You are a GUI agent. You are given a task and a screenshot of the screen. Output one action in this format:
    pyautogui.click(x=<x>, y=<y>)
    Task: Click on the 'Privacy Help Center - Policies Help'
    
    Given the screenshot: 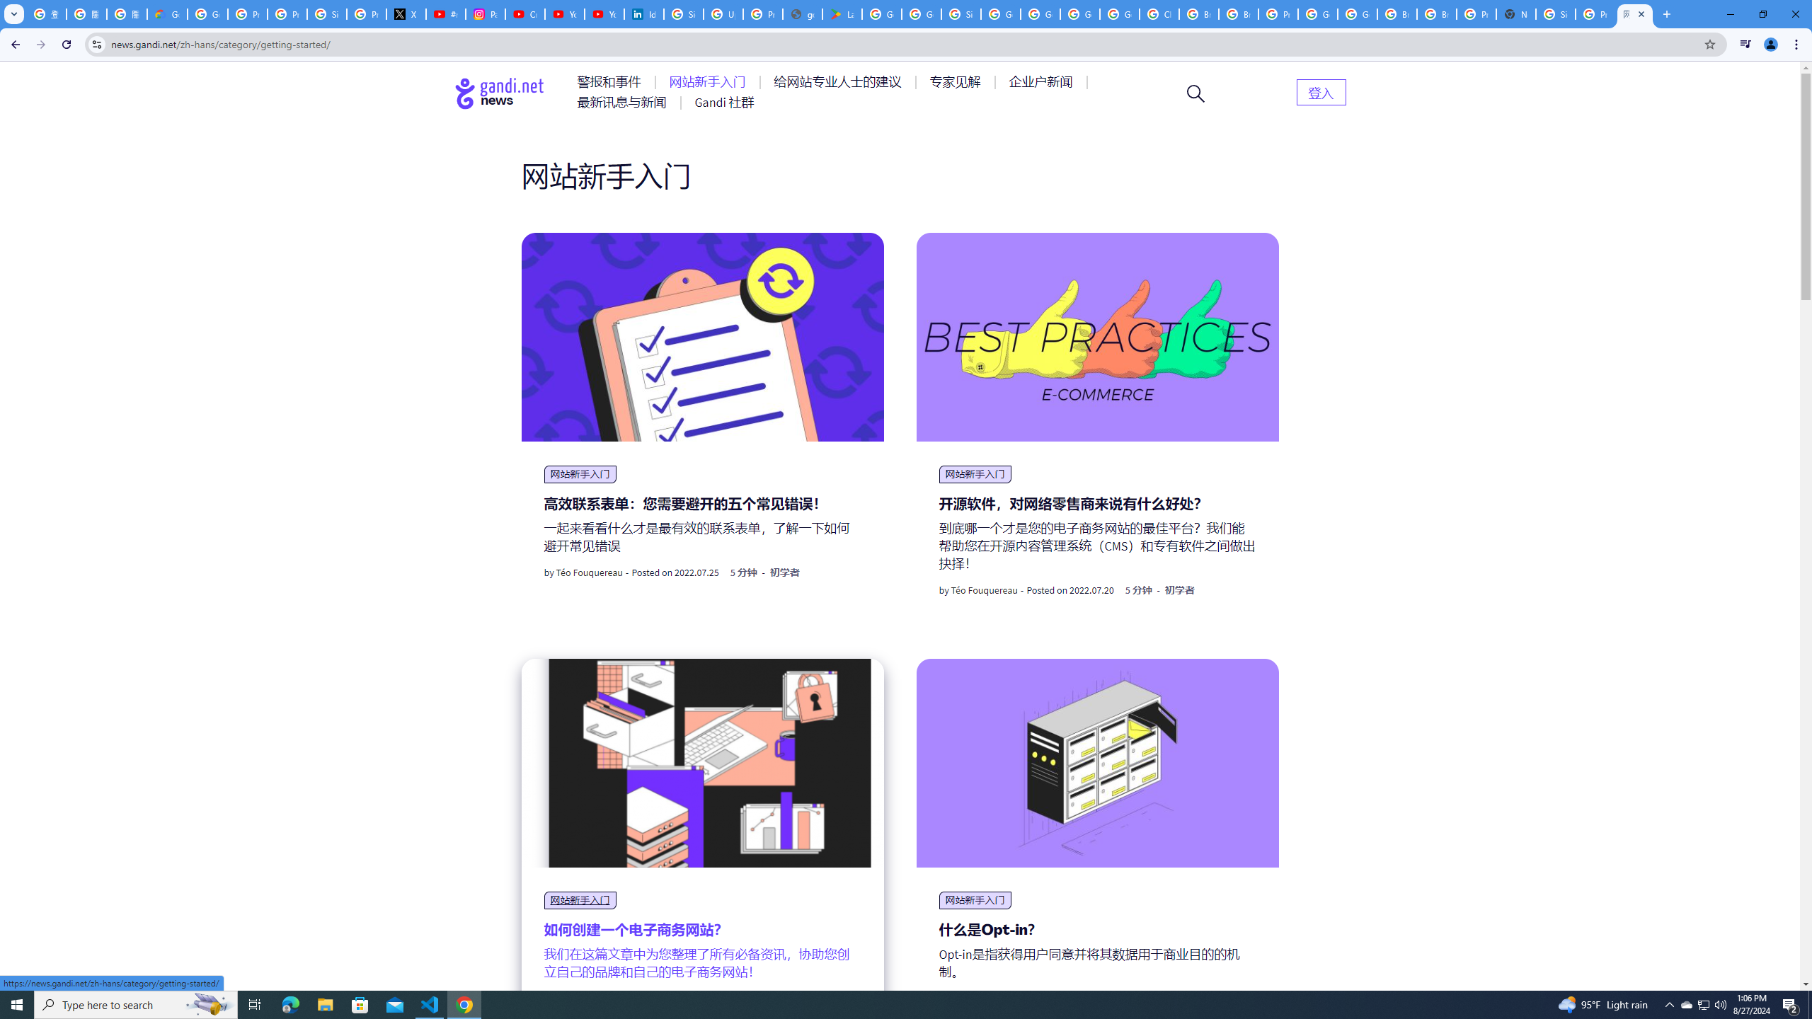 What is the action you would take?
    pyautogui.click(x=246, y=13)
    